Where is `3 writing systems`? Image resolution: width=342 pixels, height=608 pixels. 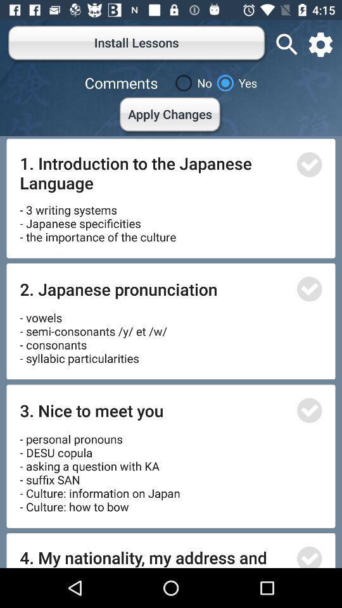 3 writing systems is located at coordinates (97, 219).